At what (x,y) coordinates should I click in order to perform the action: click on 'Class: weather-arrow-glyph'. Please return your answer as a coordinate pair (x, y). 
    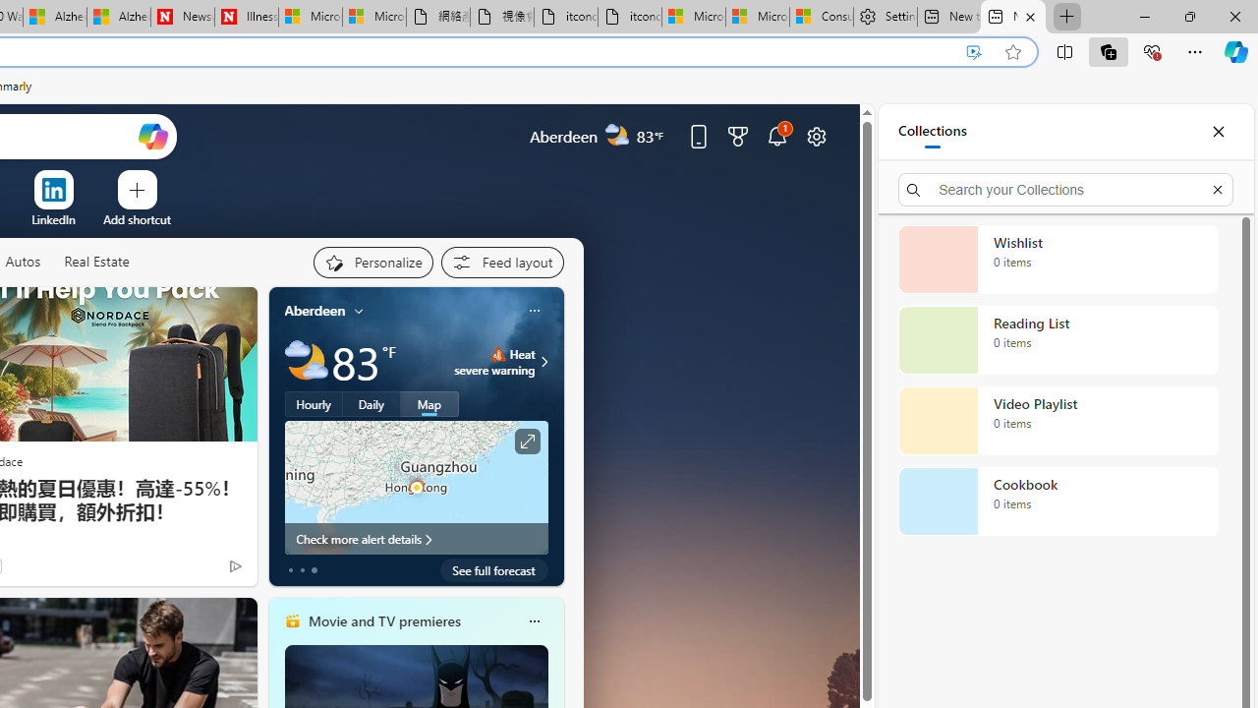
    Looking at the image, I should click on (544, 361).